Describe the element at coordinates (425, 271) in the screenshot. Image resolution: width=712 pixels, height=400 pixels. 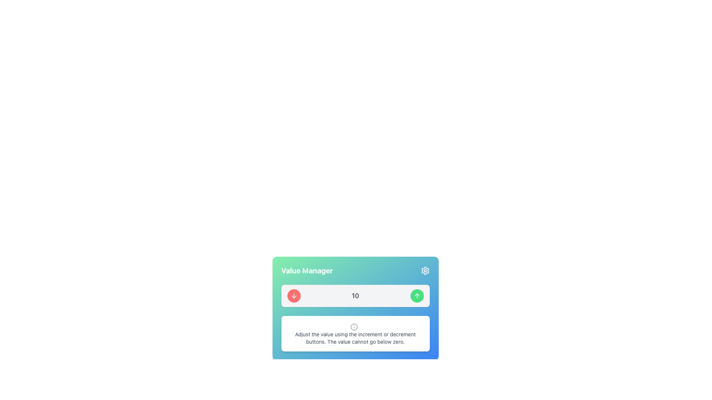
I see `the settings icon, which is a small cogwheel shape with a white stroke on a light blue background, located at the top-right corner of the 'Value Manager' card` at that location.